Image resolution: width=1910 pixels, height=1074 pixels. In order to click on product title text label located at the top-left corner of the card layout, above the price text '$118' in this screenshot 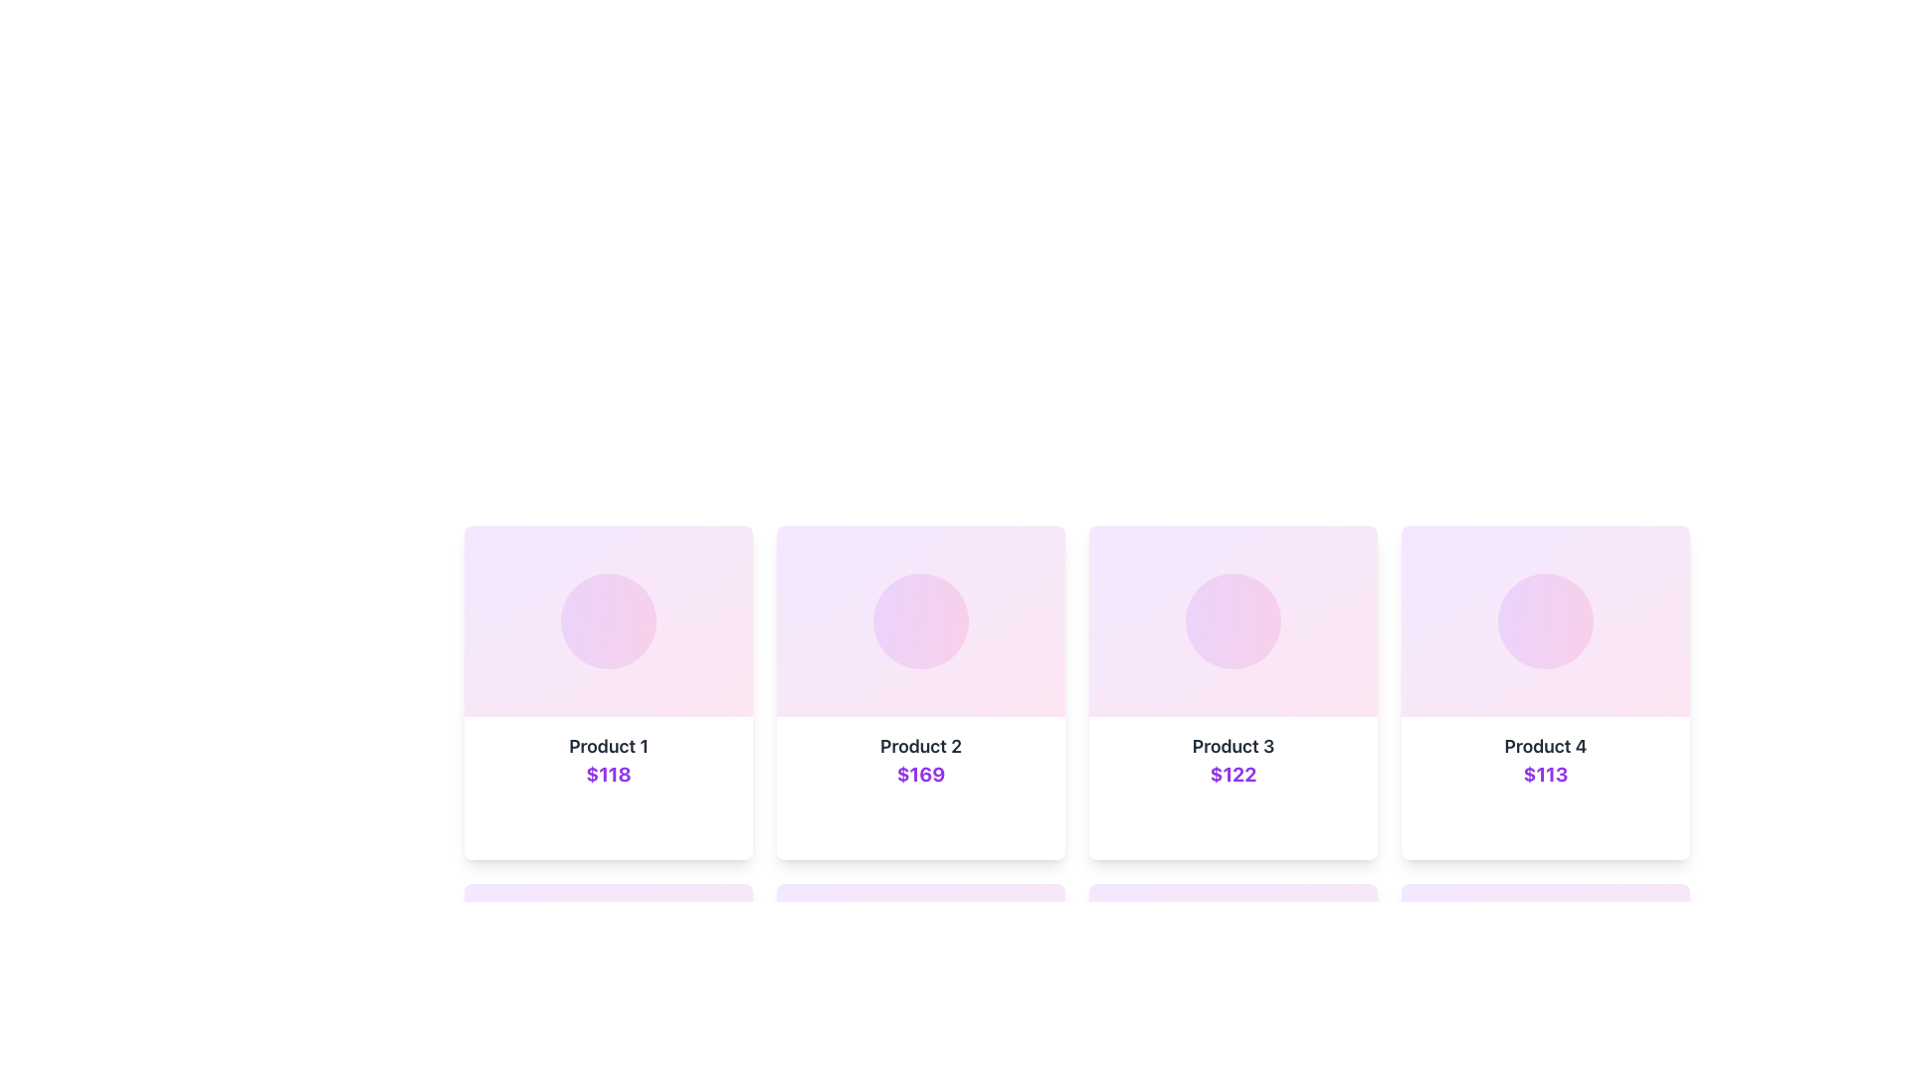, I will do `click(607, 747)`.